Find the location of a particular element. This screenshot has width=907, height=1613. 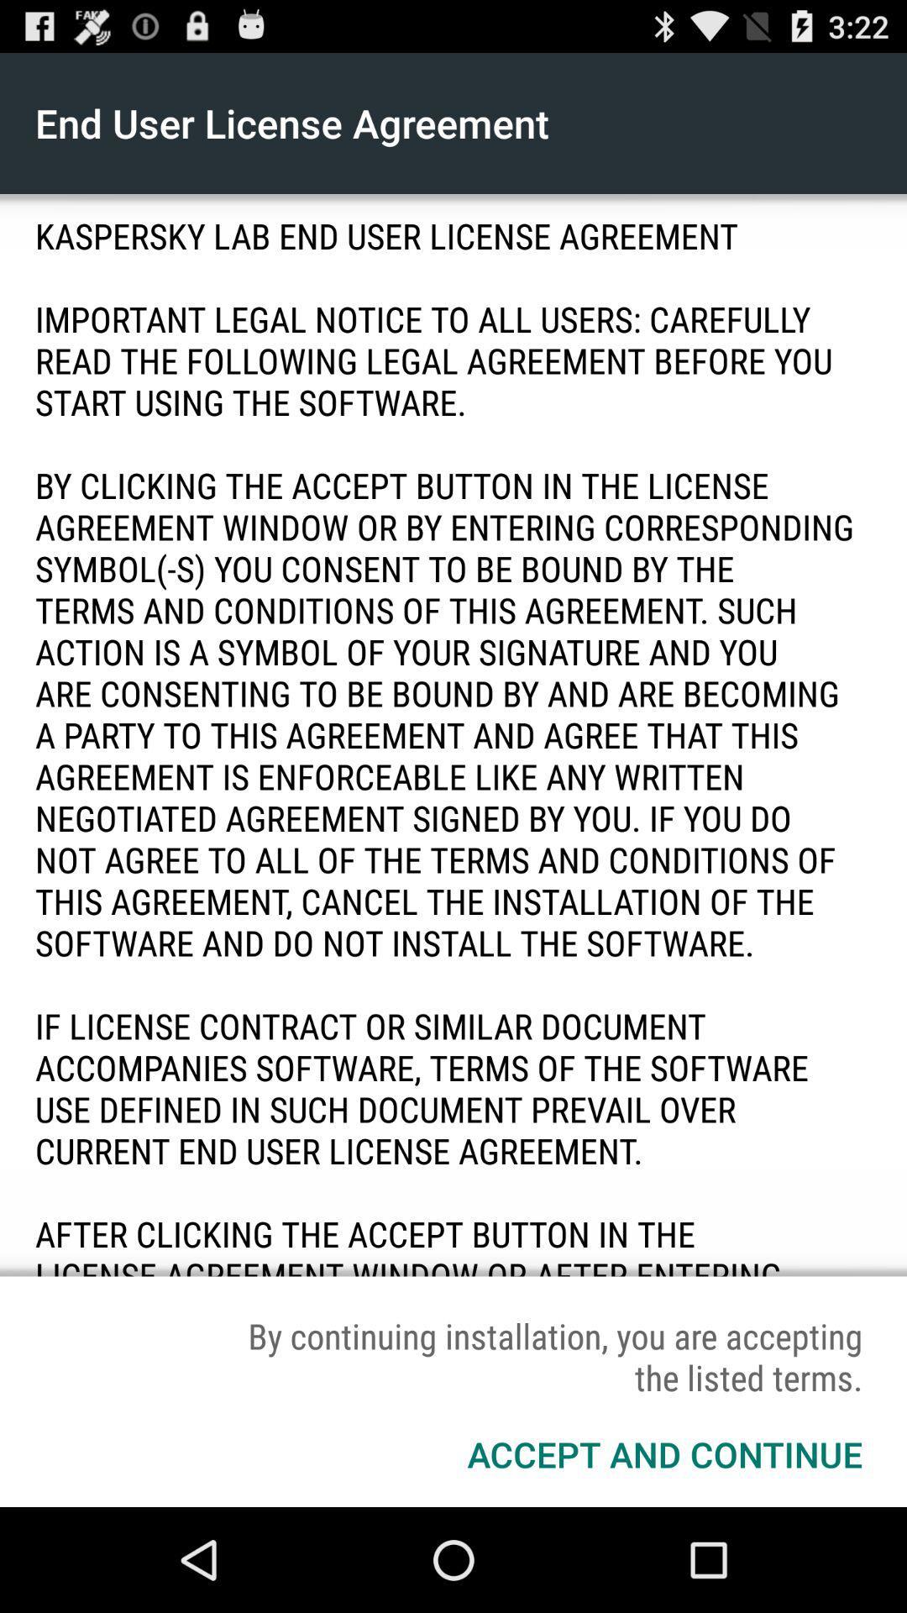

button at the bottom right corner is located at coordinates (663, 1453).